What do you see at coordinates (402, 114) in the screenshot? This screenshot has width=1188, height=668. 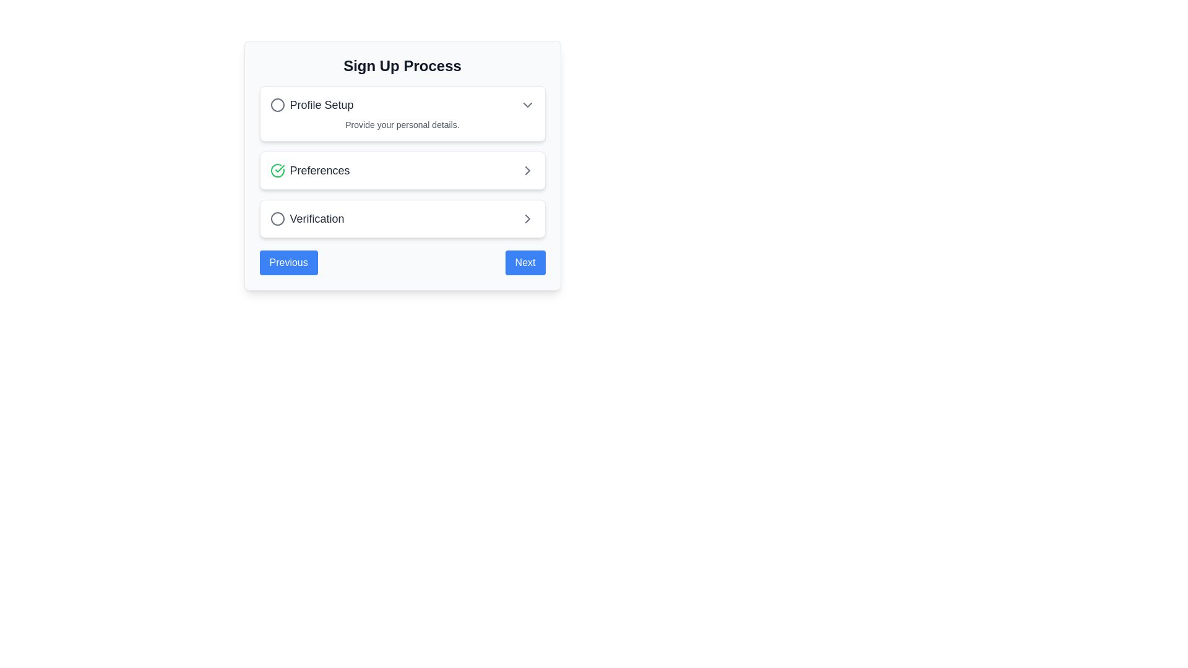 I see `the 'Profile Setup' card which is the first card in a vertical stack with a white background and rounded corners` at bounding box center [402, 114].